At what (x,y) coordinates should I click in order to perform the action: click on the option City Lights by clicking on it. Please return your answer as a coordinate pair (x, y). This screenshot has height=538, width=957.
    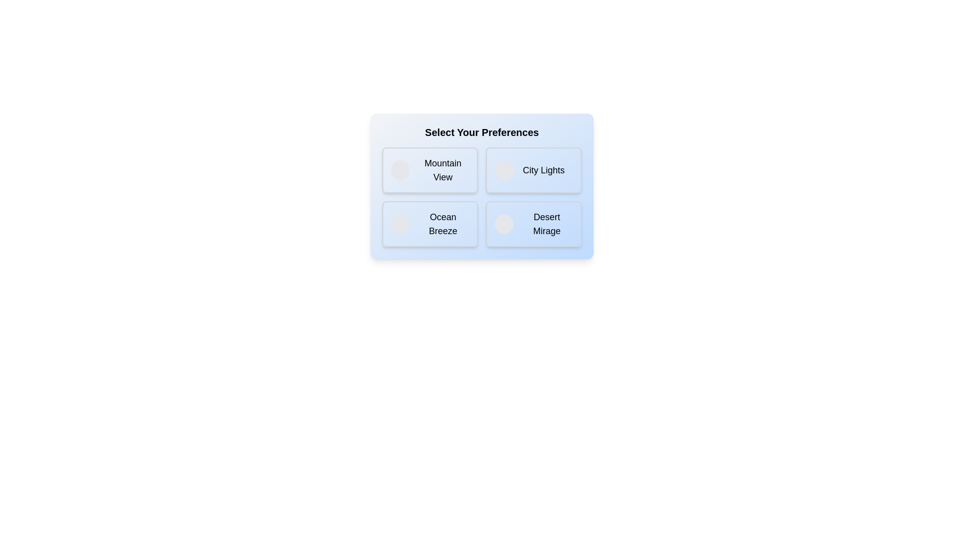
    Looking at the image, I should click on (533, 170).